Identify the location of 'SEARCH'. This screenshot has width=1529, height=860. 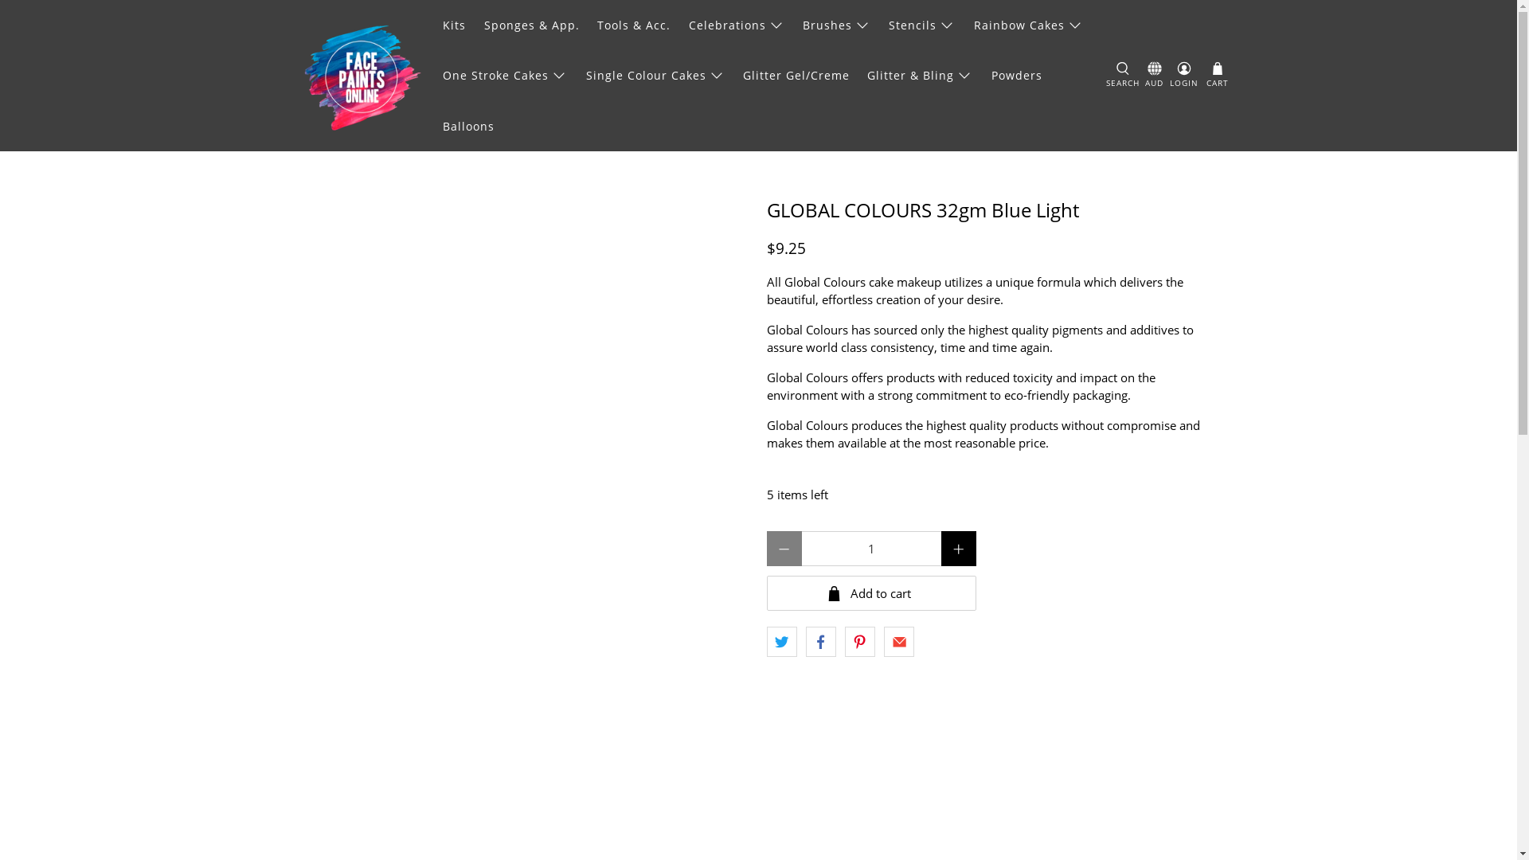
(1122, 76).